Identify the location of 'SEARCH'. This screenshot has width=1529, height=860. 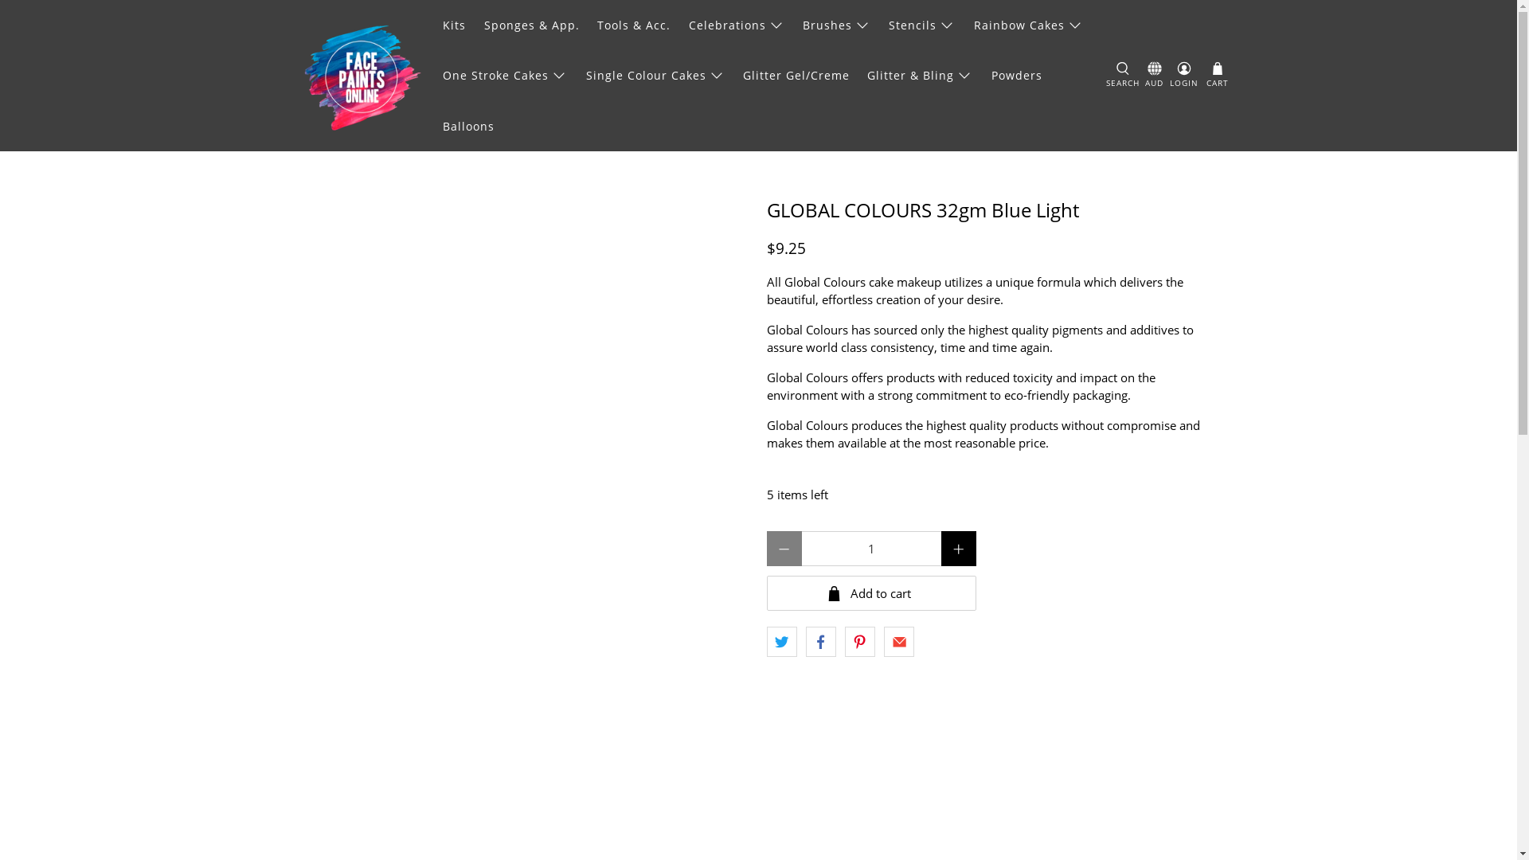
(1122, 76).